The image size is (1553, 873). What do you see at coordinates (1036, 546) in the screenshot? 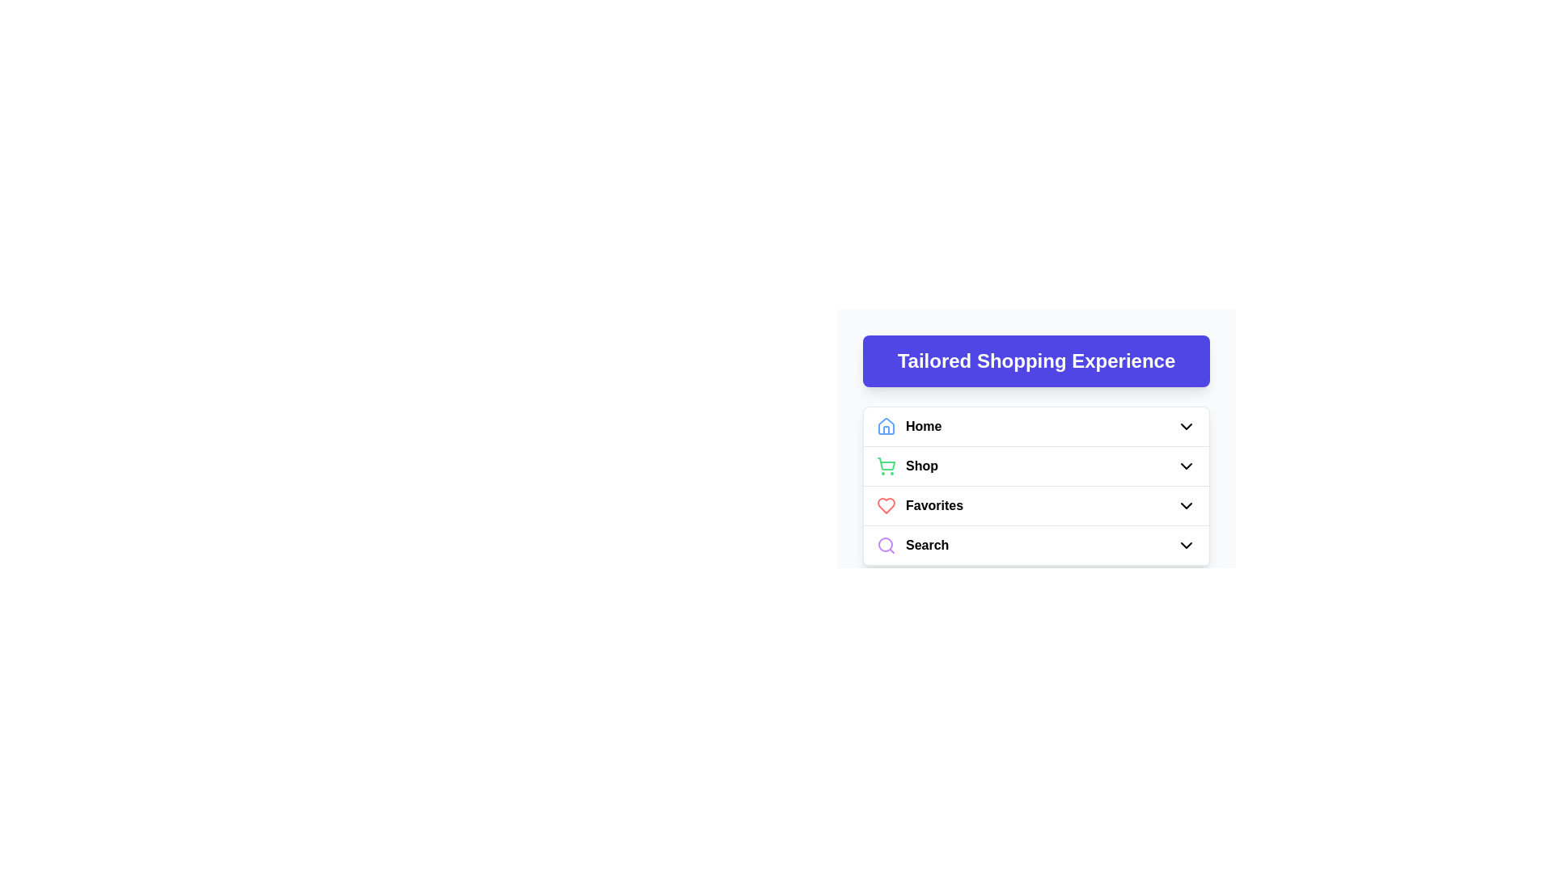
I see `the search button located at the bottom of the vertical list under 'Tailored Shopping Experience'` at bounding box center [1036, 546].